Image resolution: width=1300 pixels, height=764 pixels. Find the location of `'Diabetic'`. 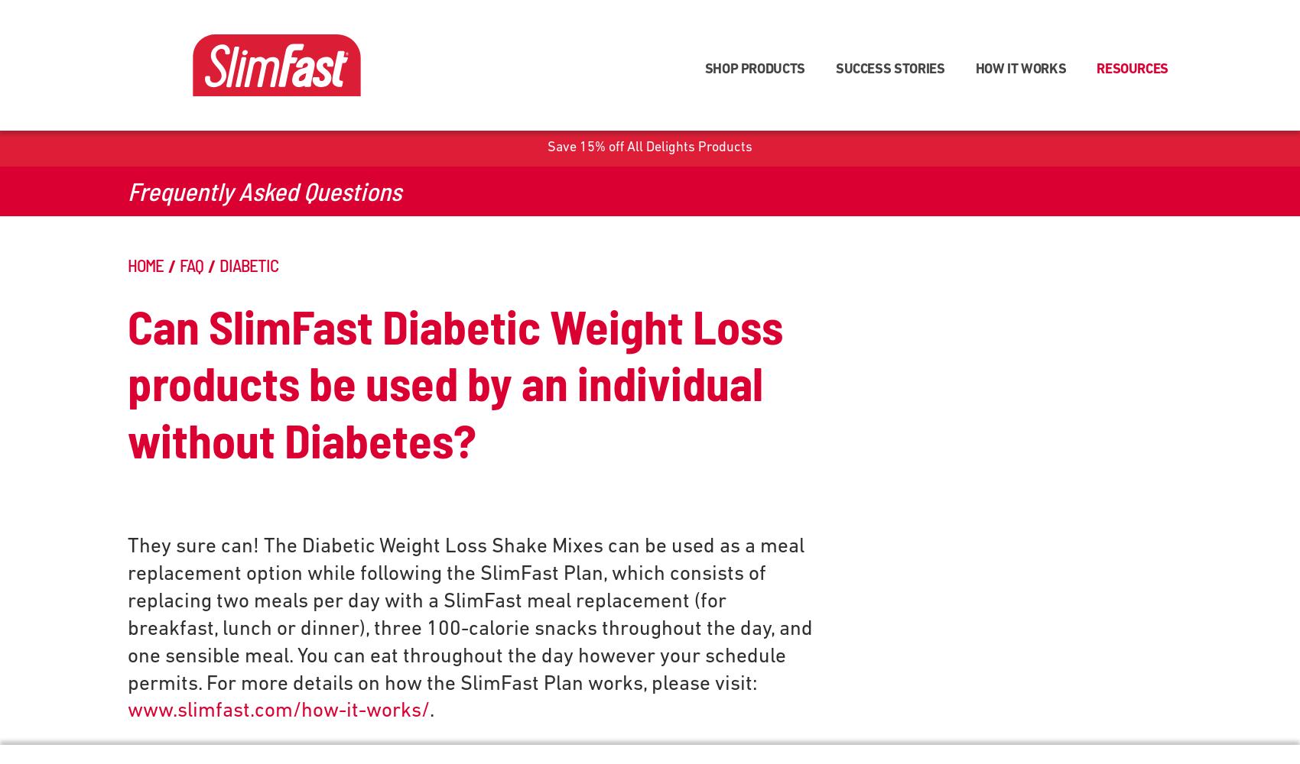

'Diabetic' is located at coordinates (248, 264).